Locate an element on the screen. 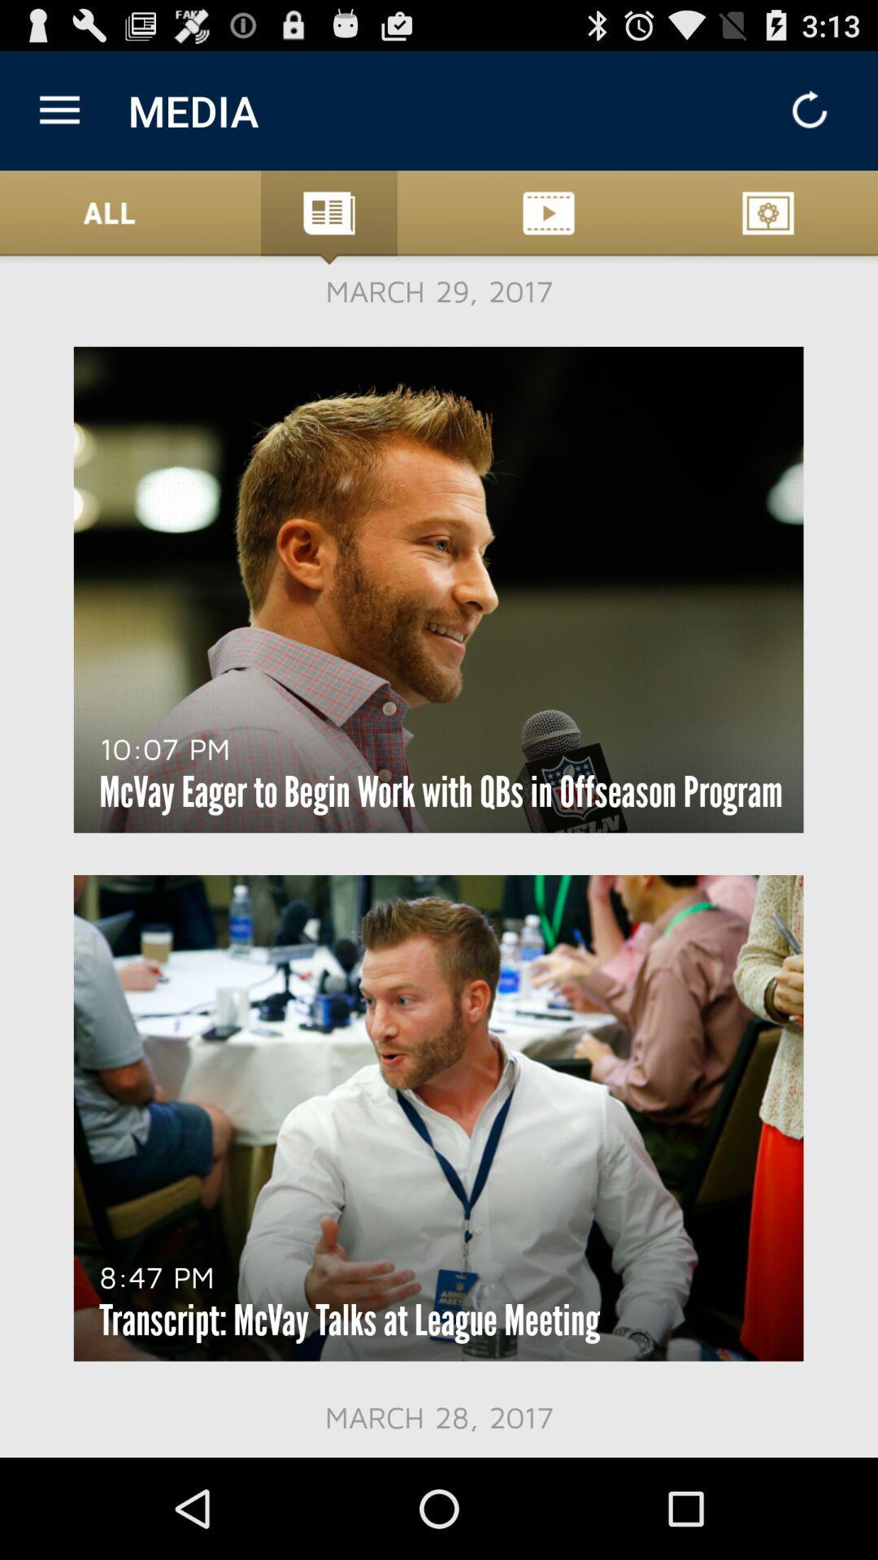  the icon below march 29, 2017 item is located at coordinates (164, 747).